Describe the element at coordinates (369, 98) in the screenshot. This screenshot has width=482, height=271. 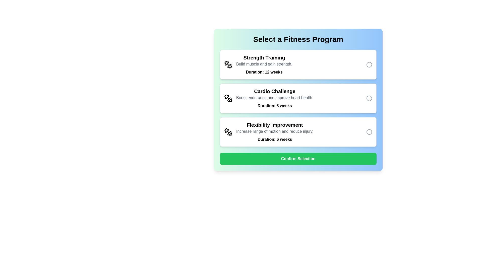
I see `the 'Cardio Challenge' radio button` at that location.